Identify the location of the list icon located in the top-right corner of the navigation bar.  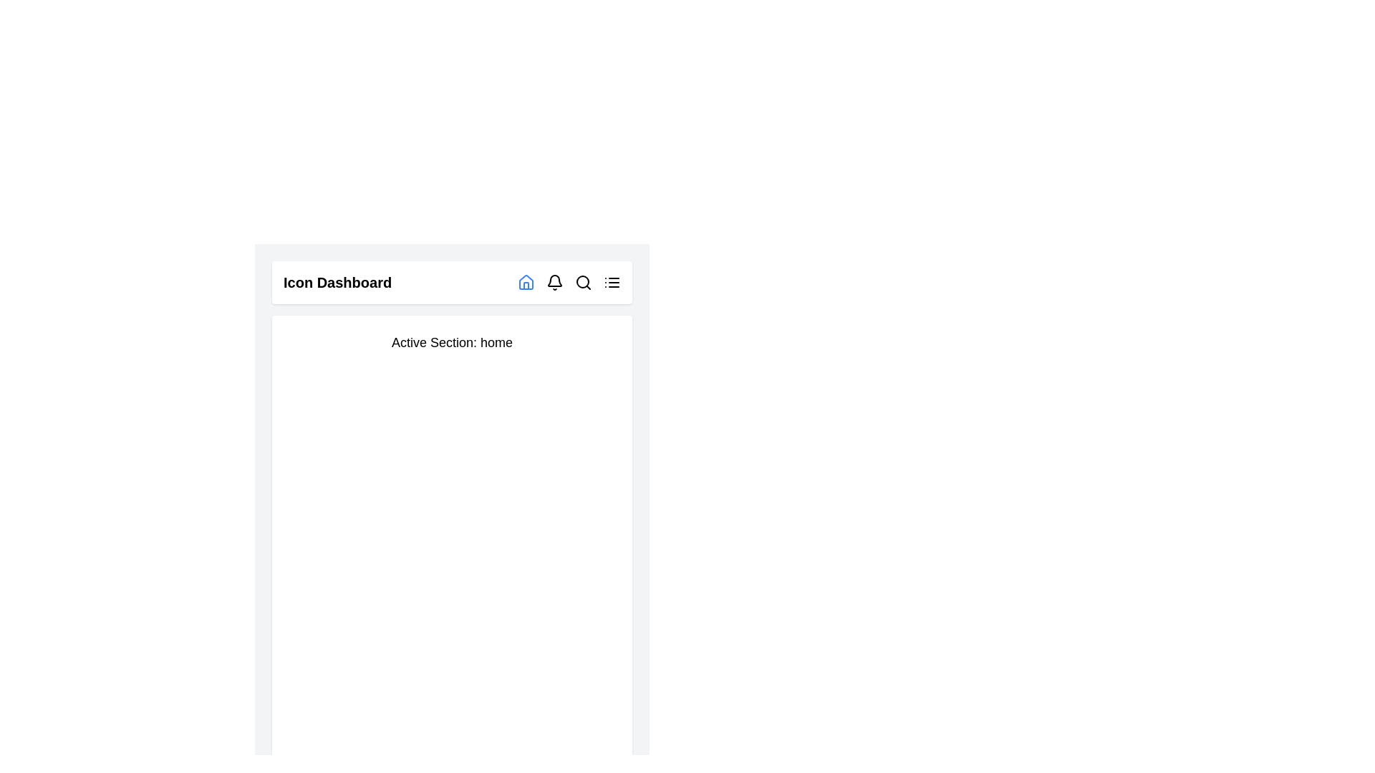
(612, 282).